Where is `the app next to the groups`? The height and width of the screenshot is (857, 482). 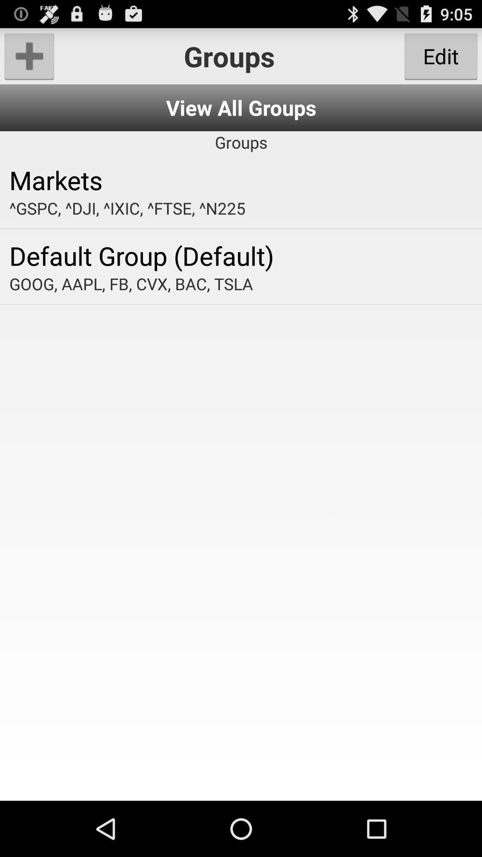
the app next to the groups is located at coordinates (29, 55).